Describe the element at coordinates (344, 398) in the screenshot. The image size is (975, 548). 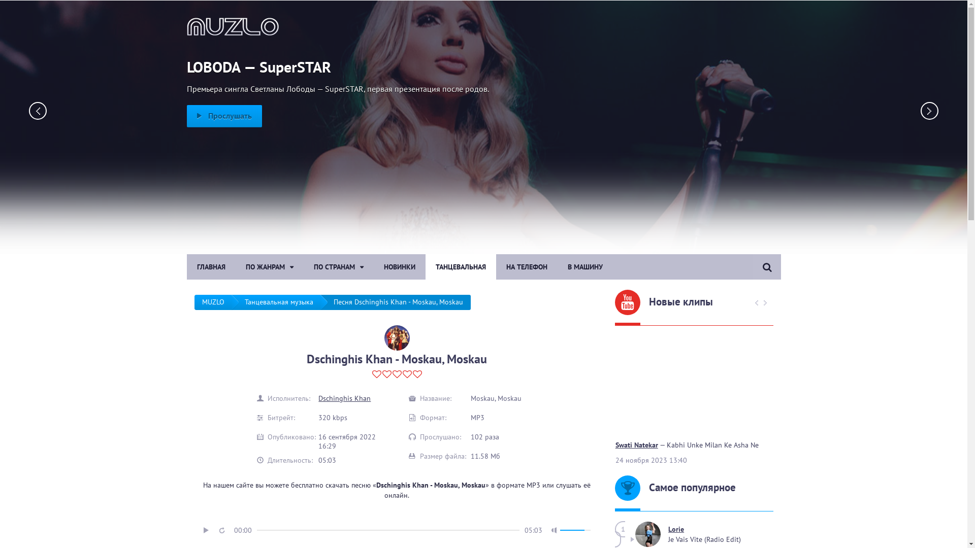
I see `'Dschinghis Khan'` at that location.